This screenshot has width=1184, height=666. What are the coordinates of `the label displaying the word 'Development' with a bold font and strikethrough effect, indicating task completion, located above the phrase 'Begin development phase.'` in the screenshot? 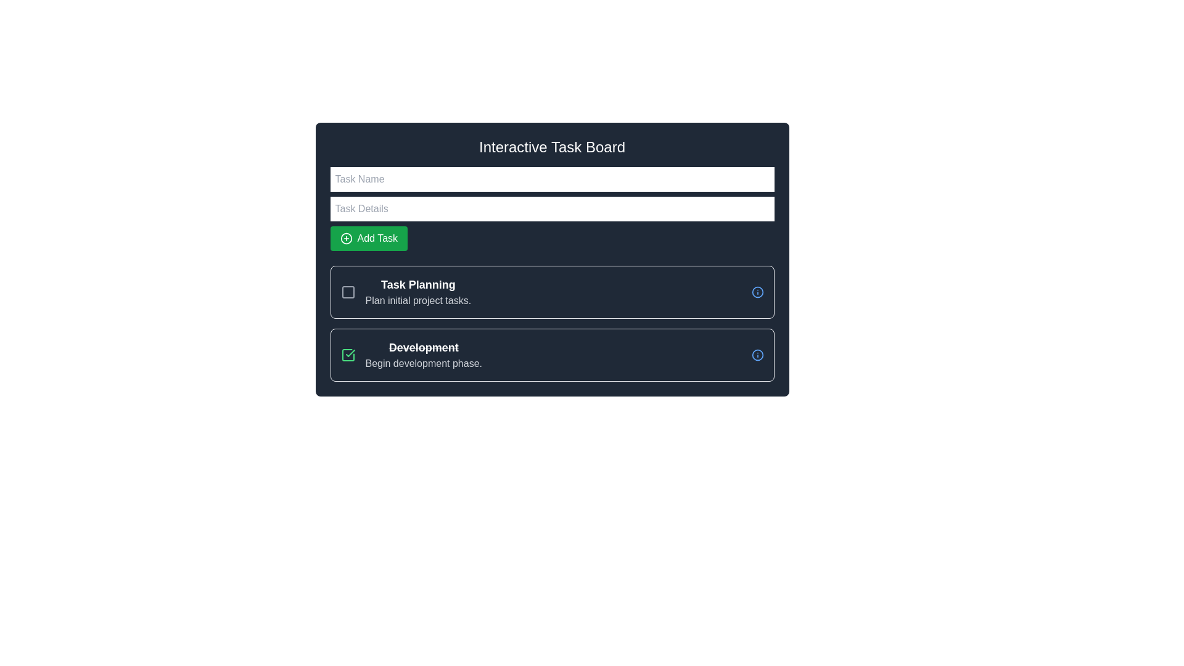 It's located at (424, 347).